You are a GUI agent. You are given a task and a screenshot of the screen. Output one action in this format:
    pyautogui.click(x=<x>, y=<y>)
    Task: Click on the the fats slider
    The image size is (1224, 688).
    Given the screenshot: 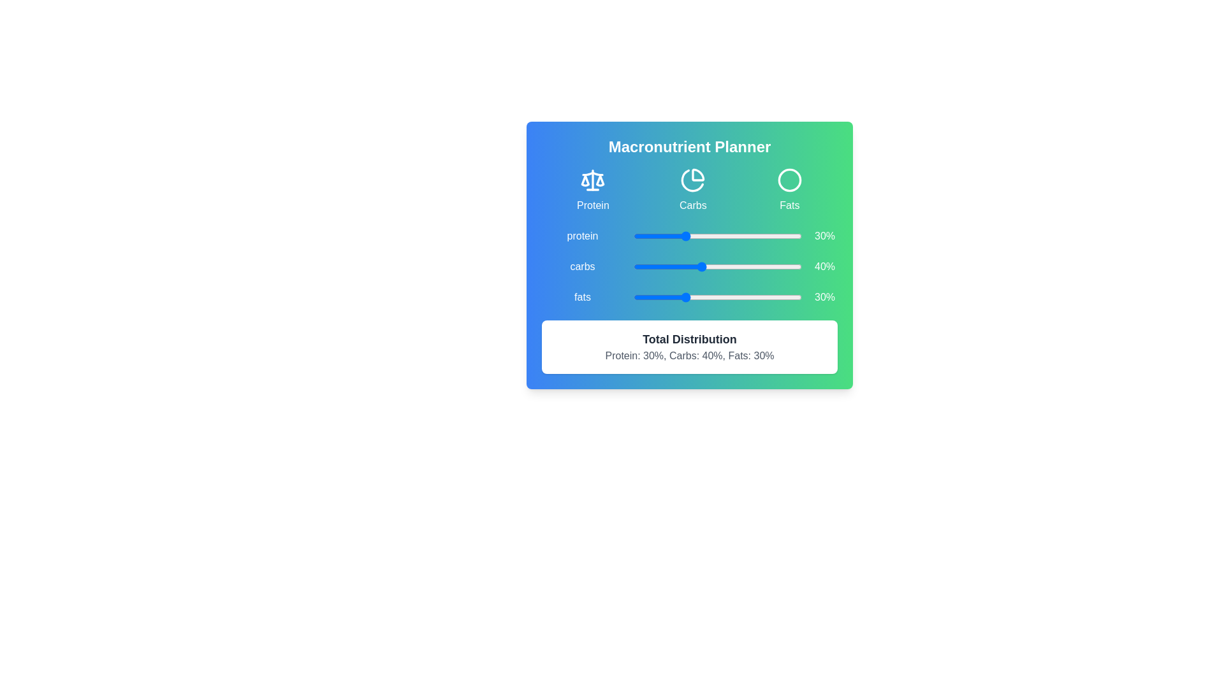 What is the action you would take?
    pyautogui.click(x=683, y=297)
    